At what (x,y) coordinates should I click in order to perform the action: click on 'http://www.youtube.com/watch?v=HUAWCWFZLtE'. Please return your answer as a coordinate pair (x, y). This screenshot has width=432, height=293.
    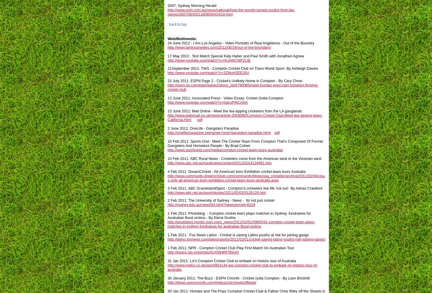
    Looking at the image, I should click on (167, 60).